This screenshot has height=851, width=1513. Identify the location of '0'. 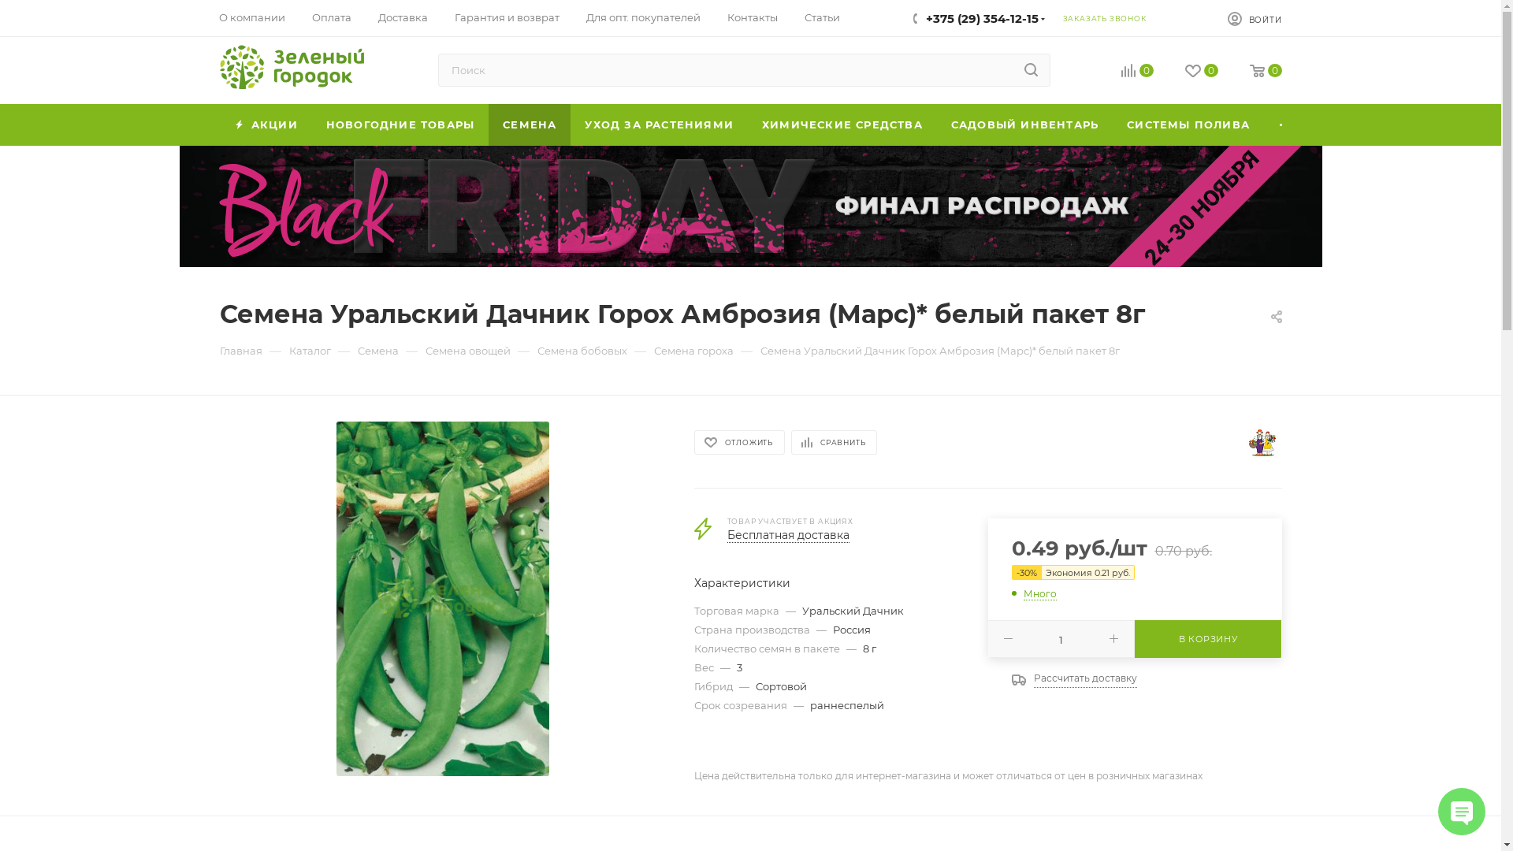
(1201, 72).